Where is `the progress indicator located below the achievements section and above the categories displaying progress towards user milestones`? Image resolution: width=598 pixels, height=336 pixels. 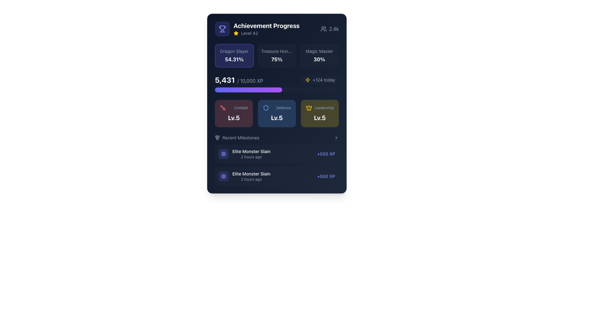 the progress indicator located below the achievements section and above the categories displaying progress towards user milestones is located at coordinates (276, 83).